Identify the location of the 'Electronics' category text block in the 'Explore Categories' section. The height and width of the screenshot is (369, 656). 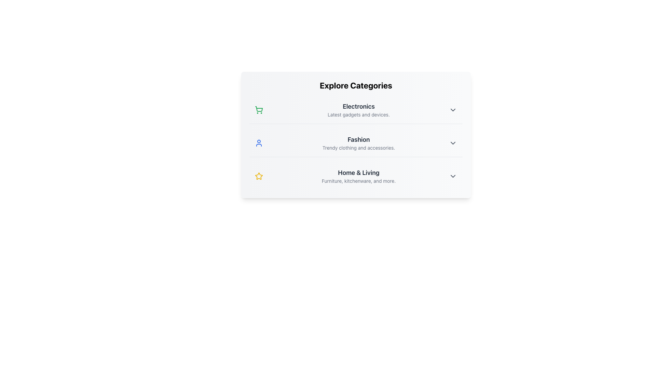
(358, 109).